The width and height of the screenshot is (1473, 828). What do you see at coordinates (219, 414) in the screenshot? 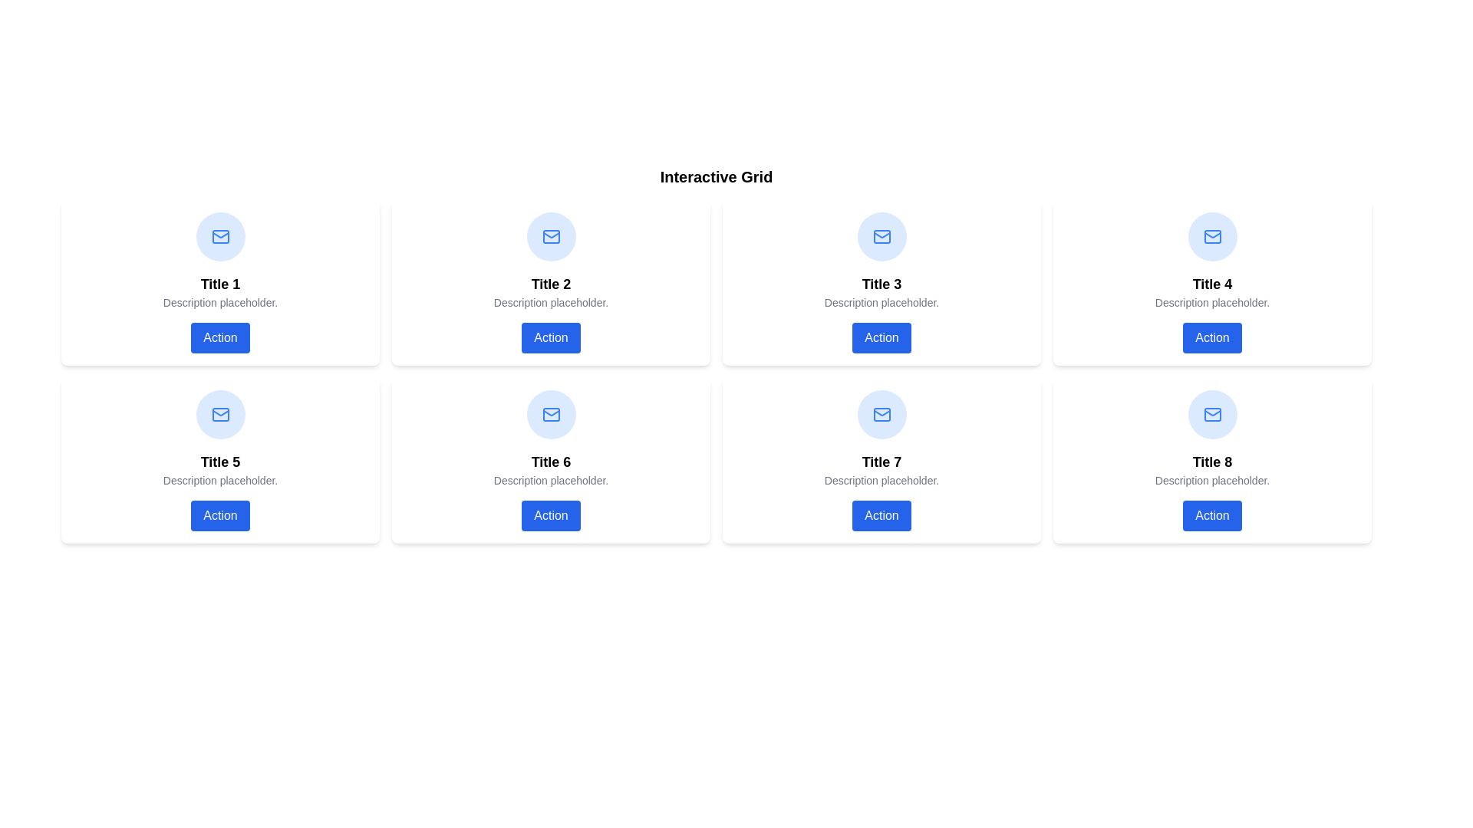
I see `the envelope icon with a simplistic outline style rendered in blue, located within the card titled 'Title 5' in the second row, first column of the interactive grid layout` at bounding box center [219, 414].